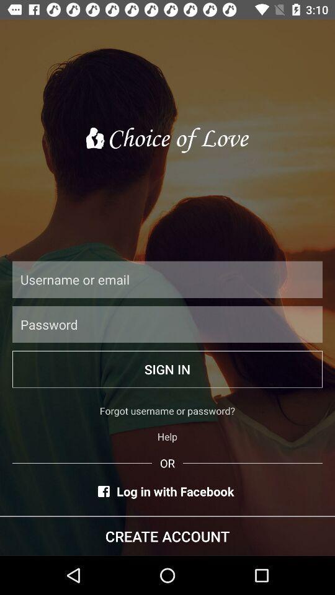  What do you see at coordinates (167, 436) in the screenshot?
I see `the help item` at bounding box center [167, 436].